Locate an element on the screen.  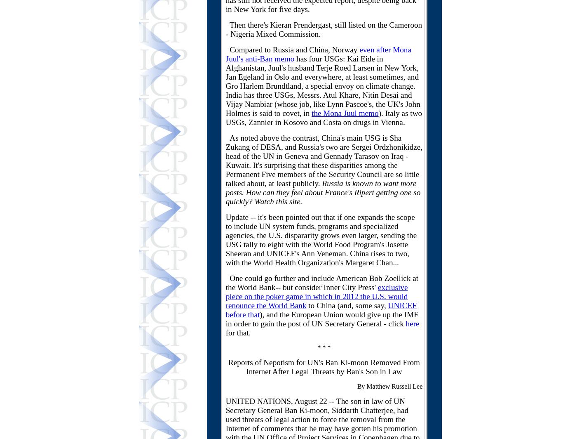
't' is located at coordinates (258, 314).